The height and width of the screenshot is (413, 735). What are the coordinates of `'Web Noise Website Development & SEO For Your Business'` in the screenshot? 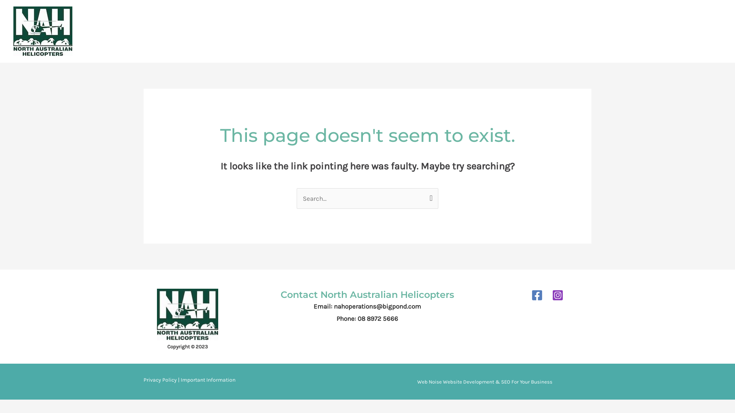 It's located at (416, 382).